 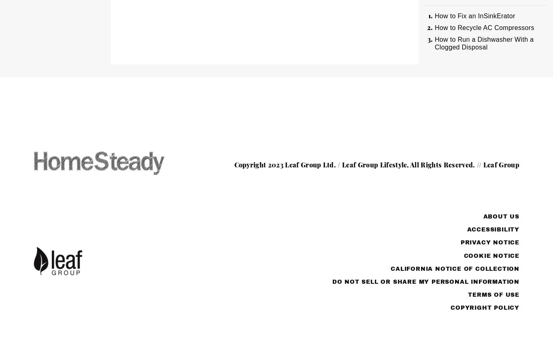 What do you see at coordinates (454, 268) in the screenshot?
I see `'California Notice of Collection'` at bounding box center [454, 268].